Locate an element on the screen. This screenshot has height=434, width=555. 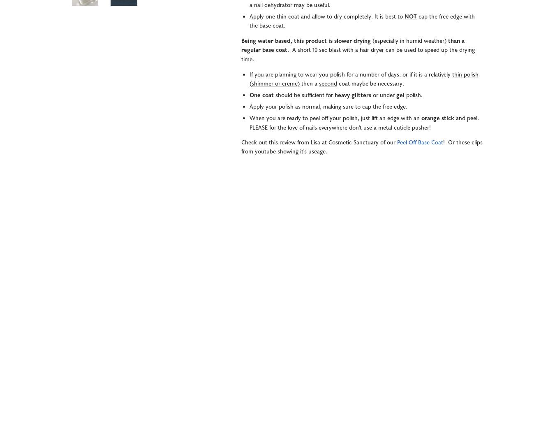
'orange stick' is located at coordinates (438, 118).